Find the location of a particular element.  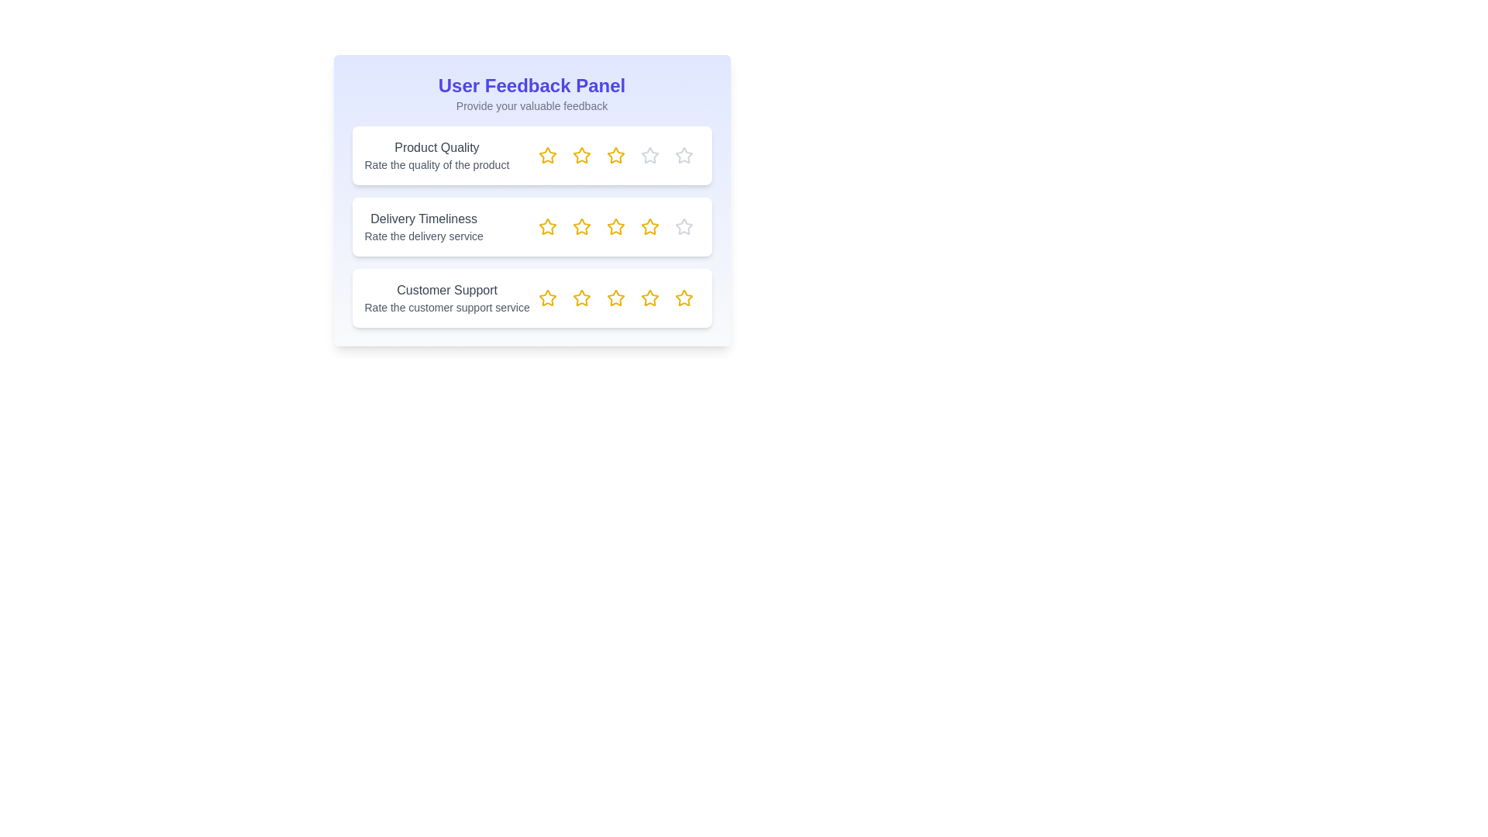

the rating for a feedback item to 1 stars is located at coordinates (547, 155).